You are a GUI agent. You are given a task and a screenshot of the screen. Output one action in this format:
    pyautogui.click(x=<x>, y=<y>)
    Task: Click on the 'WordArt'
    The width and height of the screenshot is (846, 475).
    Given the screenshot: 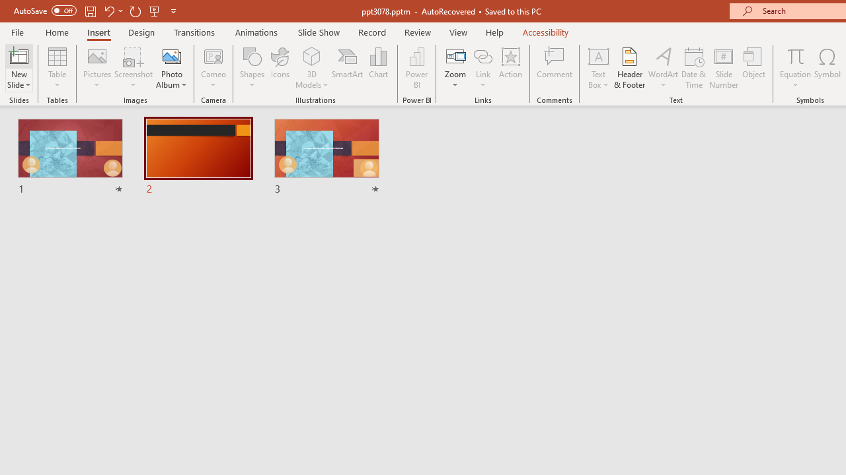 What is the action you would take?
    pyautogui.click(x=664, y=68)
    